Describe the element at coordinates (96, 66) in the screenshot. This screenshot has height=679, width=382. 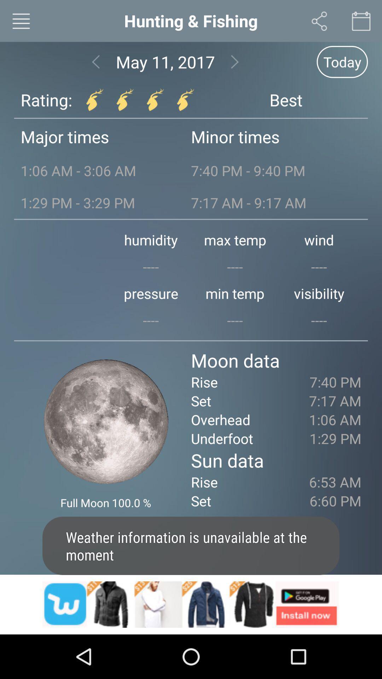
I see `the arrow_backward icon` at that location.